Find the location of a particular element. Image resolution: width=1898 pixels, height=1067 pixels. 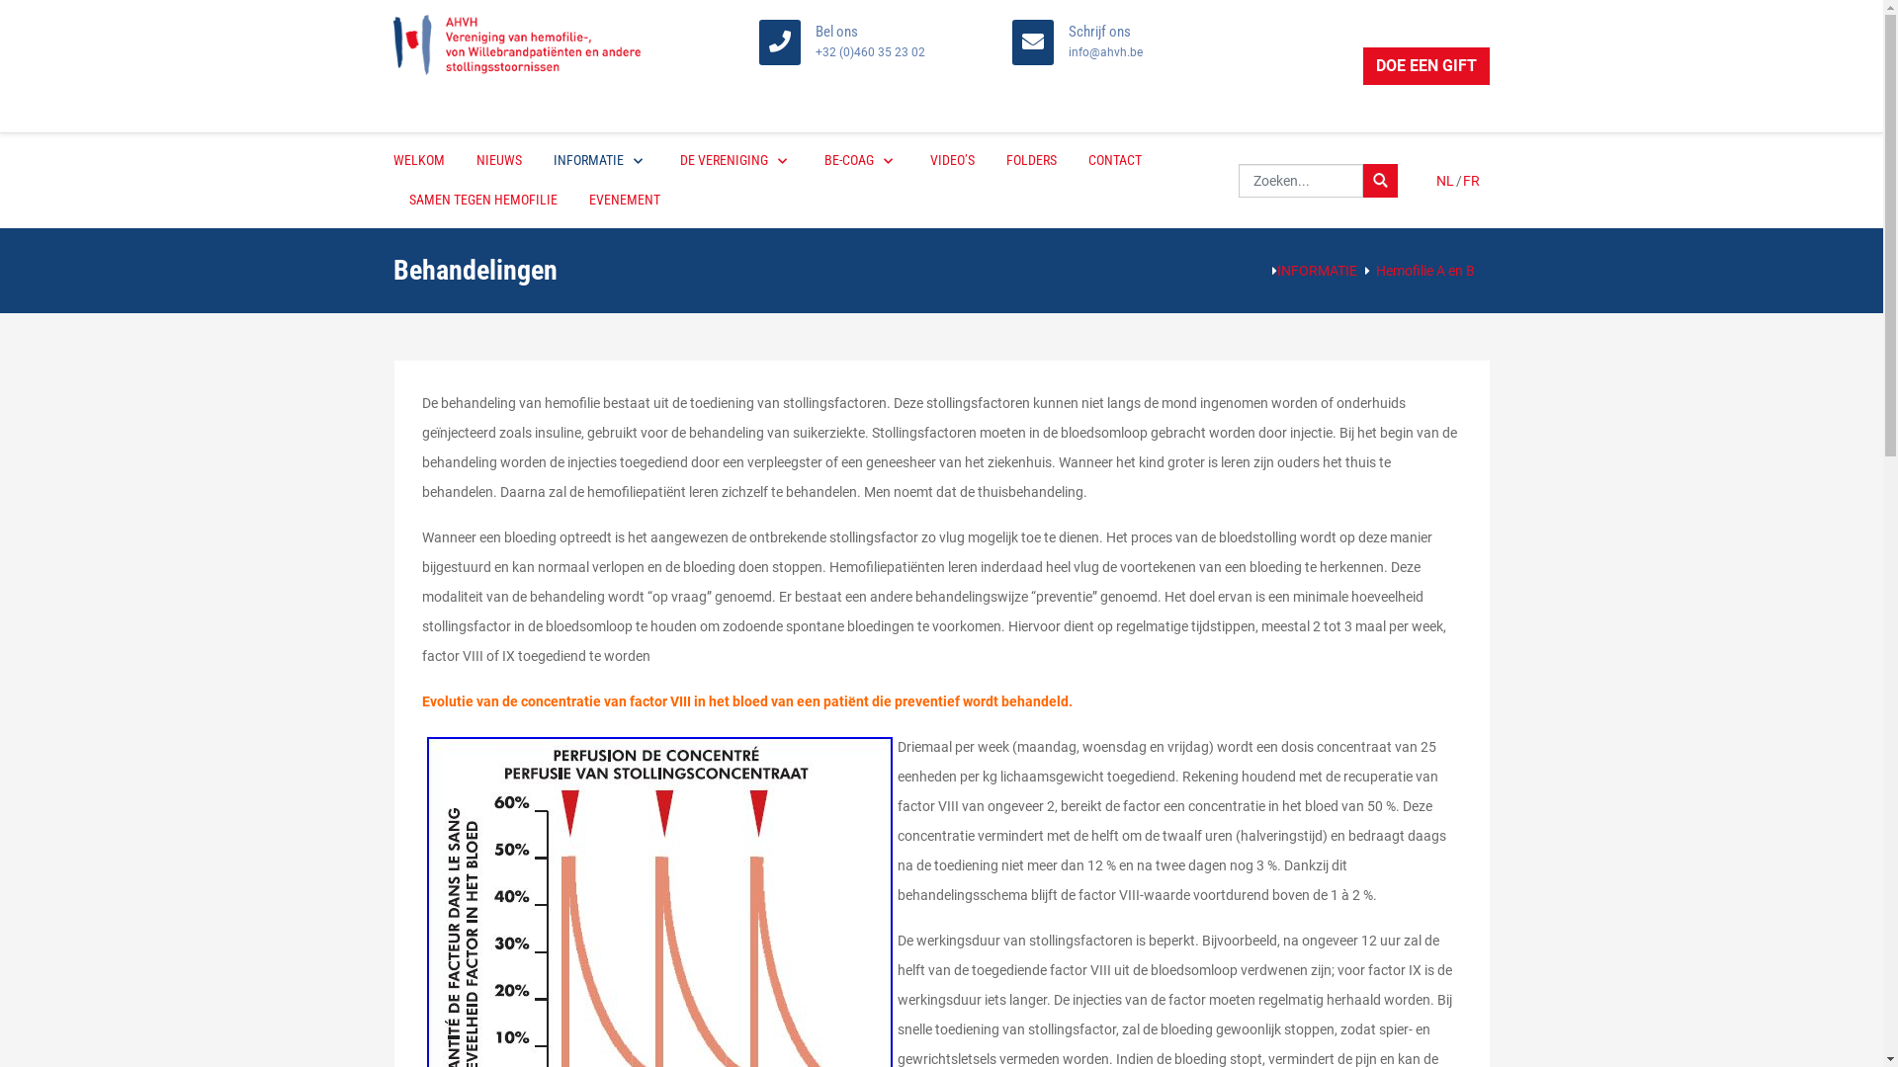

'CONTACT' is located at coordinates (1114, 159).